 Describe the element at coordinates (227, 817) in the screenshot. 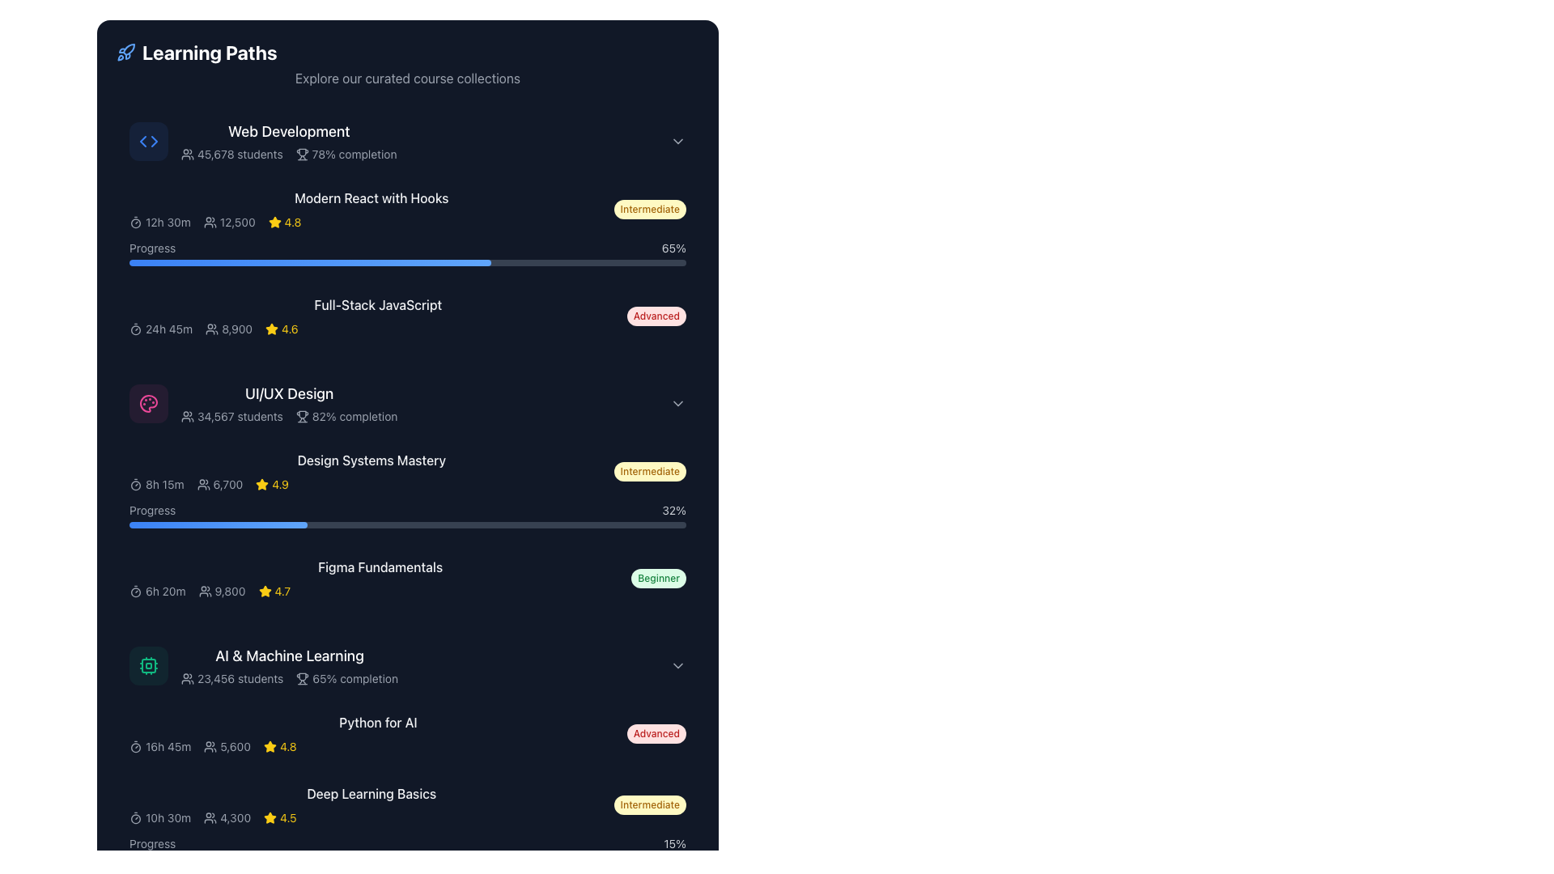

I see `the Text Label displaying the number '4,300' which is styled in gray and located in the middle section of the UI for the 'Deep Learning Basics' course` at that location.